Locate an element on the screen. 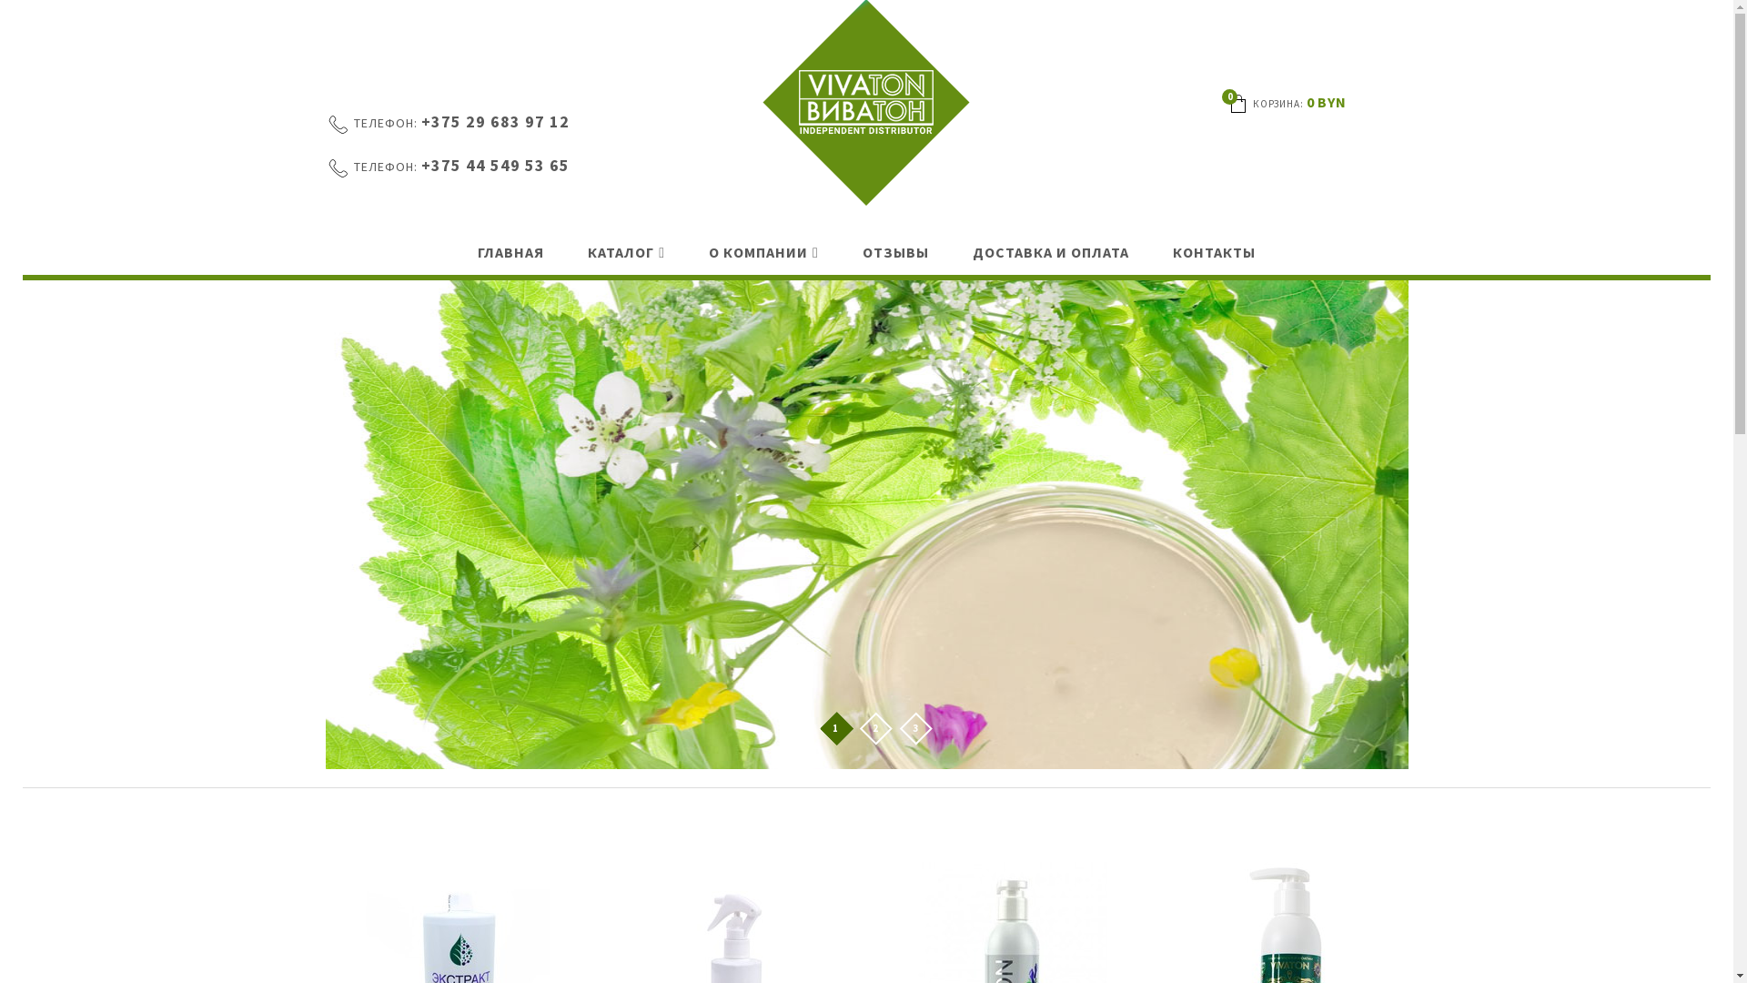 The height and width of the screenshot is (983, 1747). '1' is located at coordinates (833, 729).